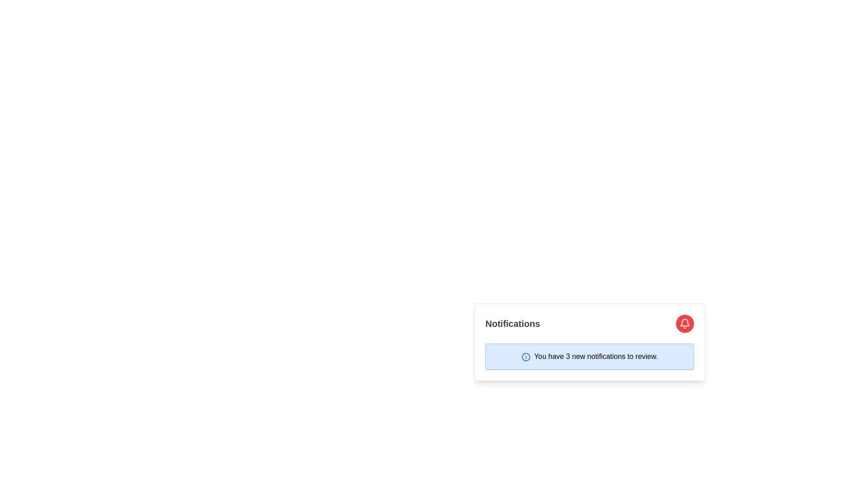  I want to click on text 'Notifications' displayed in a large bold font at the top-left corner of the notification card interface, so click(513, 323).